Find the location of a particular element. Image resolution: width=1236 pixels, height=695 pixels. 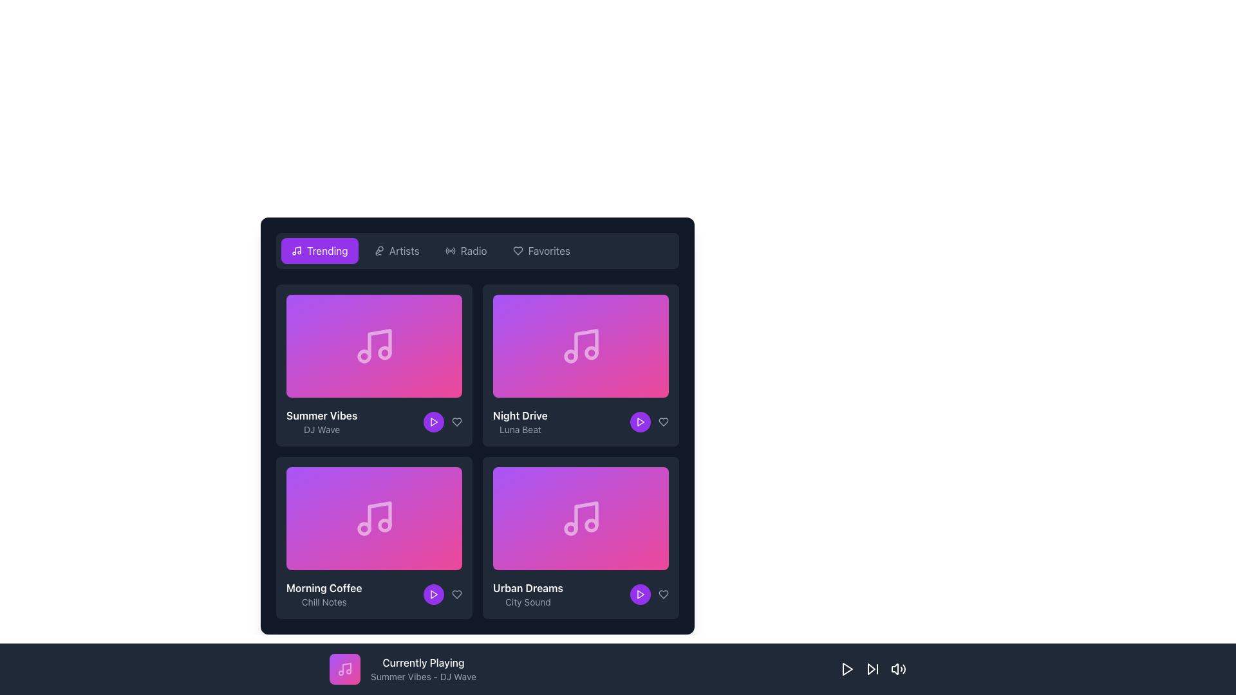

the heart icon located at the bottom right corner of the 'Night Drive' song card is located at coordinates (664, 422).